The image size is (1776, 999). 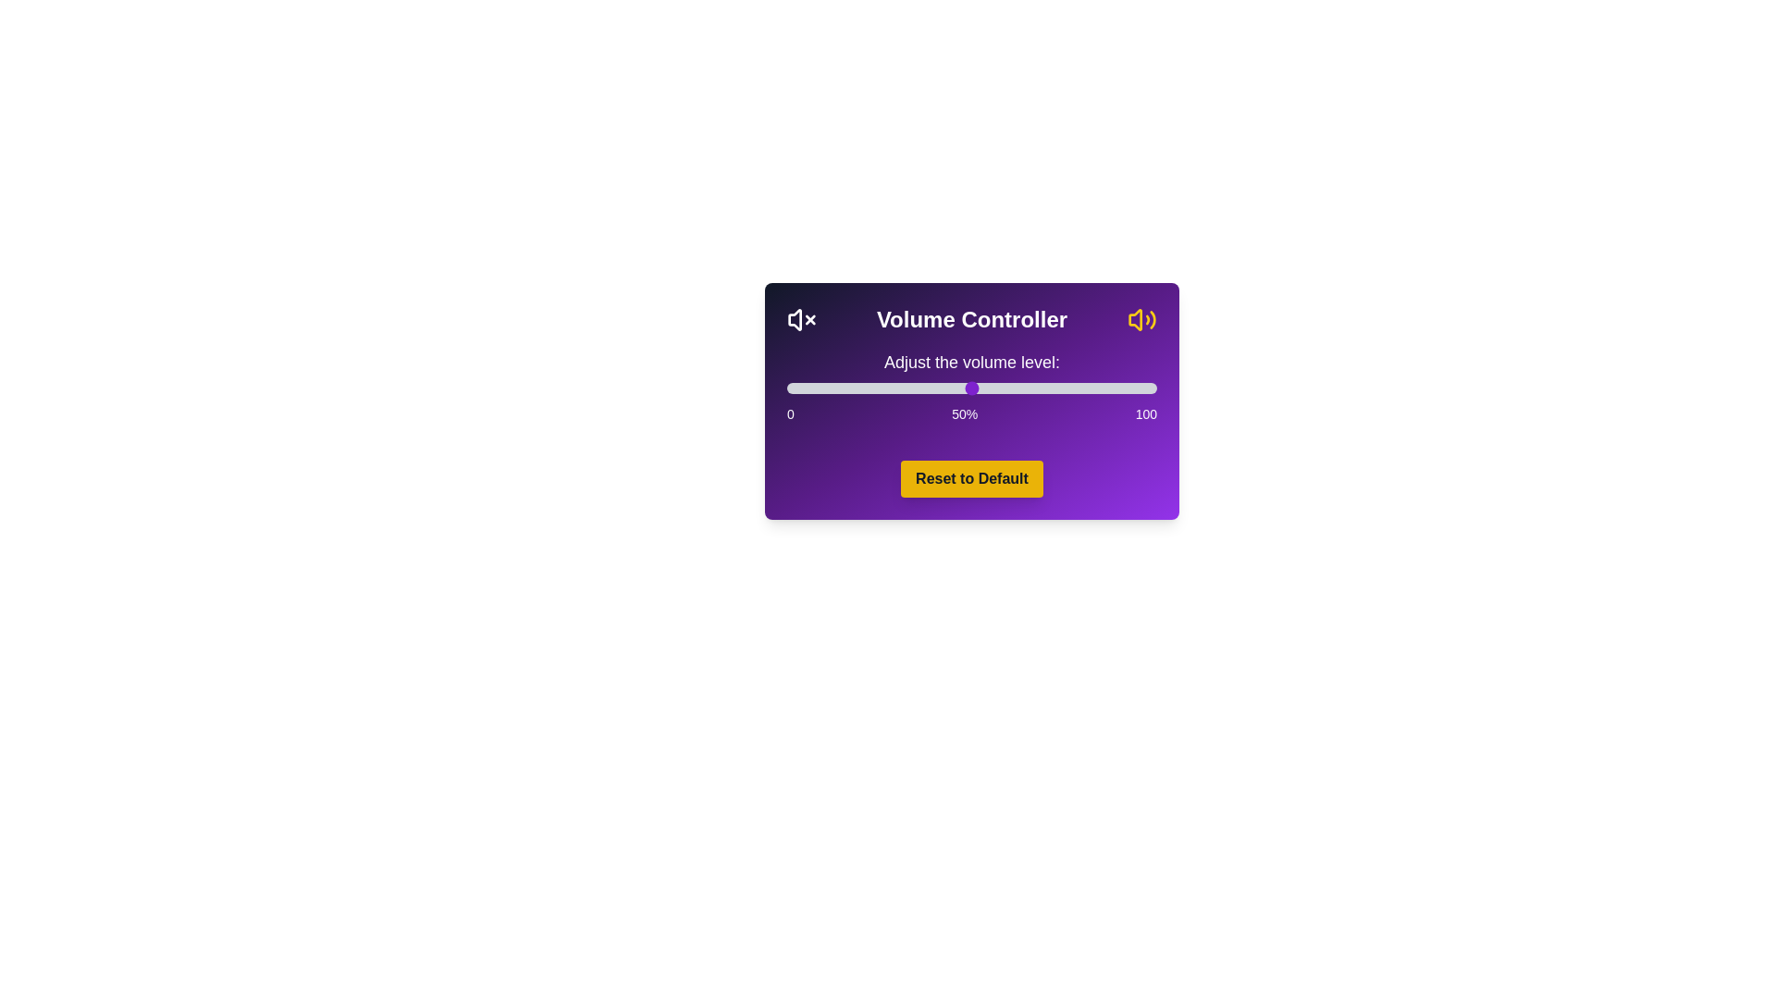 What do you see at coordinates (845, 388) in the screenshot?
I see `the volume slider to set the volume to 16%` at bounding box center [845, 388].